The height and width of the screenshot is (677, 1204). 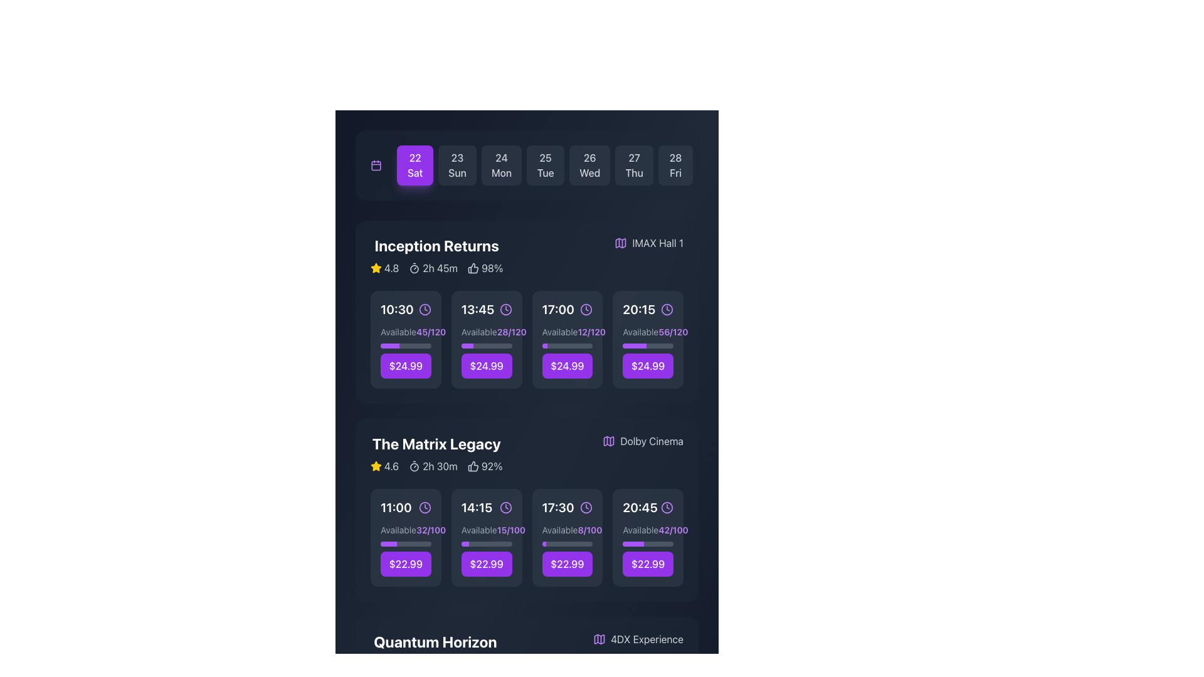 What do you see at coordinates (478, 331) in the screenshot?
I see `the light gray text label reading 'Available.' located at the top left of the second screening time card for 'Inception Returns' movie section` at bounding box center [478, 331].